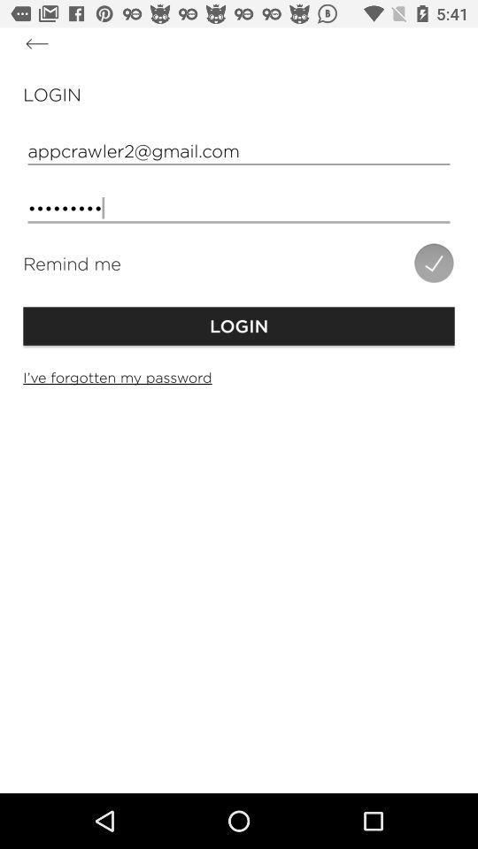 The height and width of the screenshot is (849, 478). What do you see at coordinates (239, 208) in the screenshot?
I see `the crowd3116 icon` at bounding box center [239, 208].